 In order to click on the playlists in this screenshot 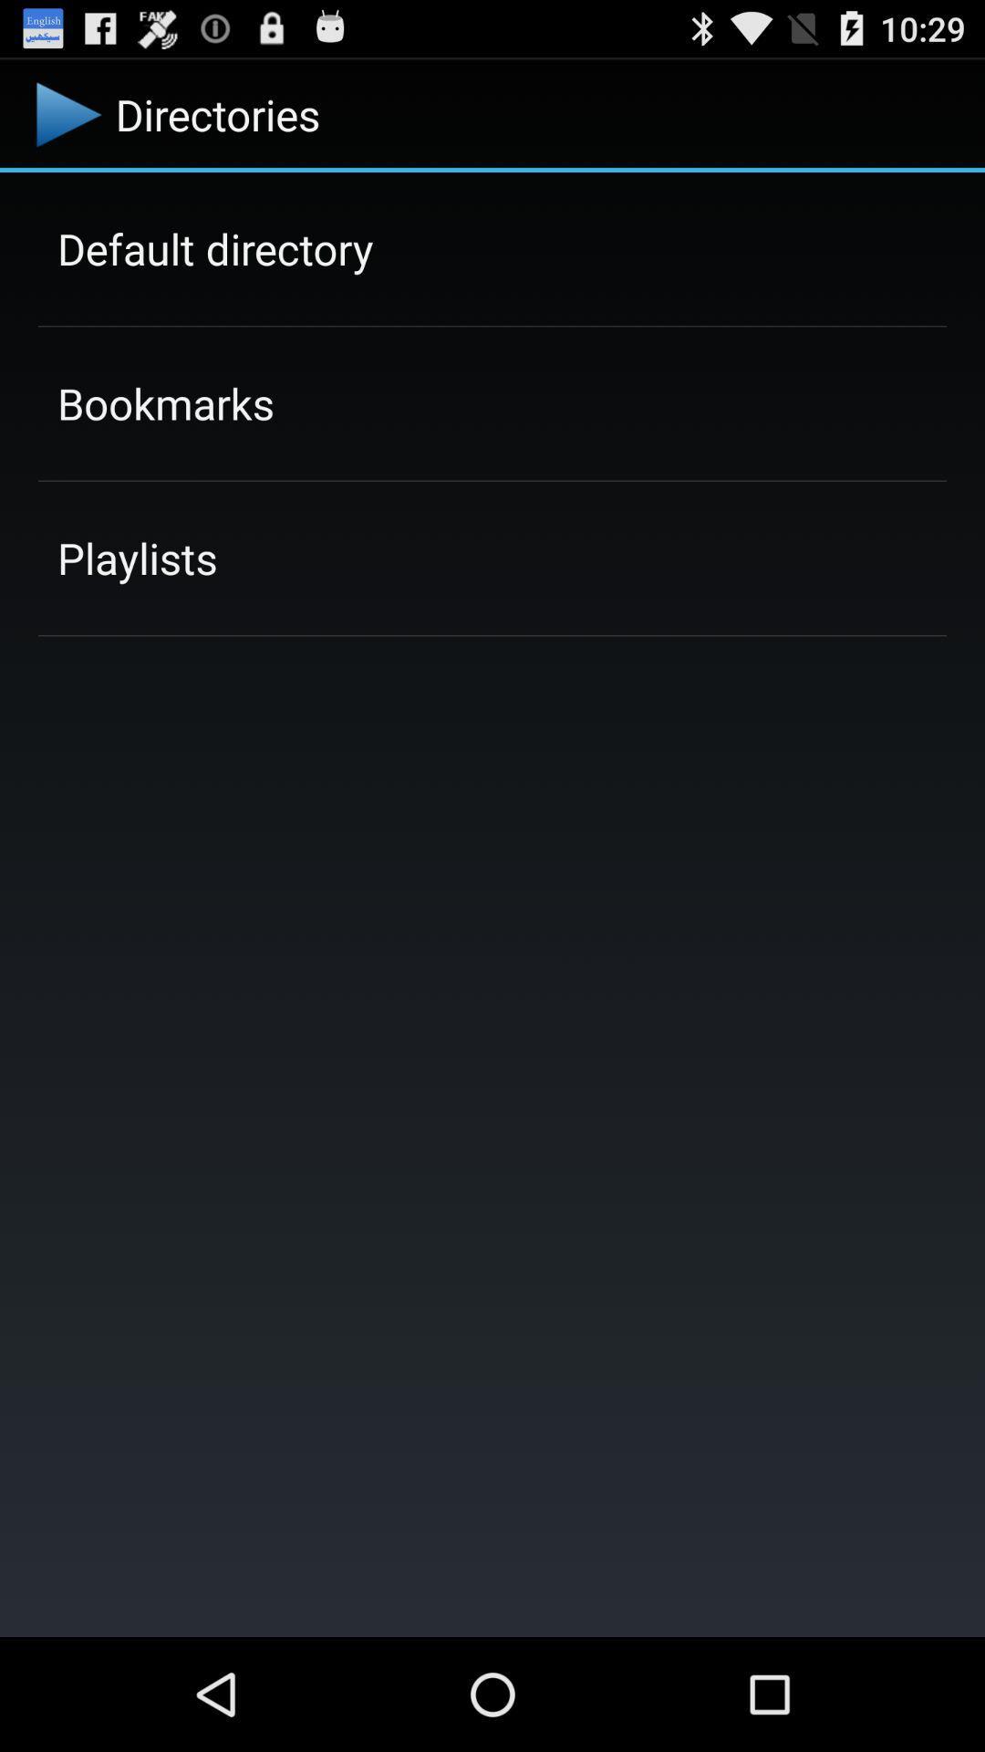, I will do `click(136, 557)`.